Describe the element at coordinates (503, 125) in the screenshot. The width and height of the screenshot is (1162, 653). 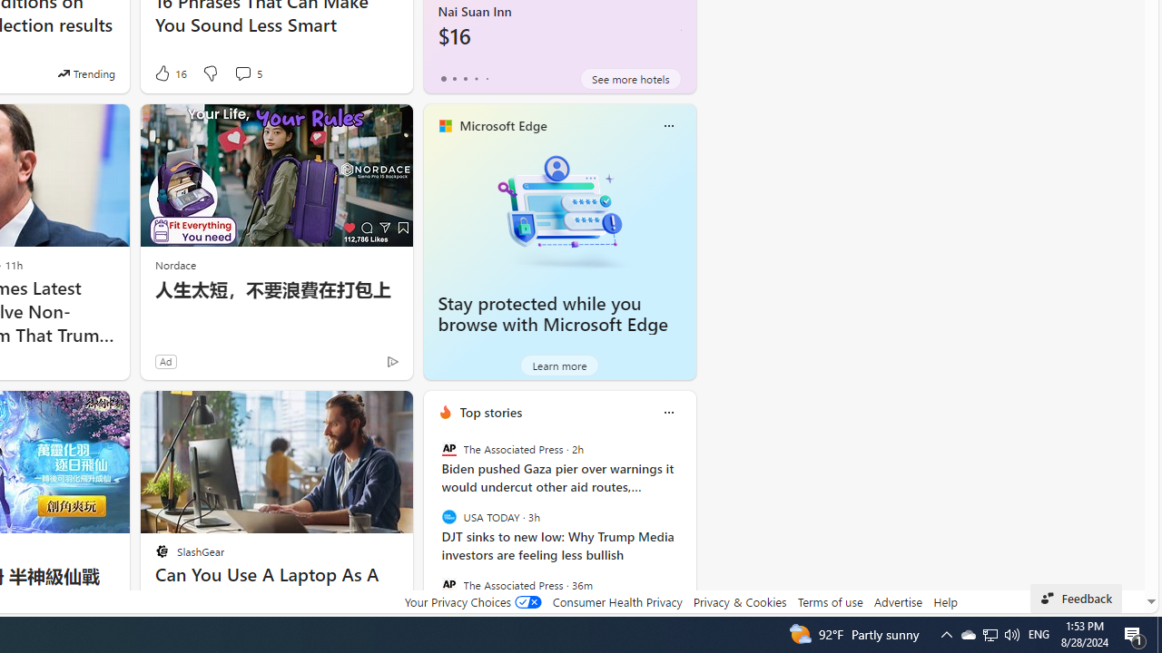
I see `'Microsoft Edge'` at that location.